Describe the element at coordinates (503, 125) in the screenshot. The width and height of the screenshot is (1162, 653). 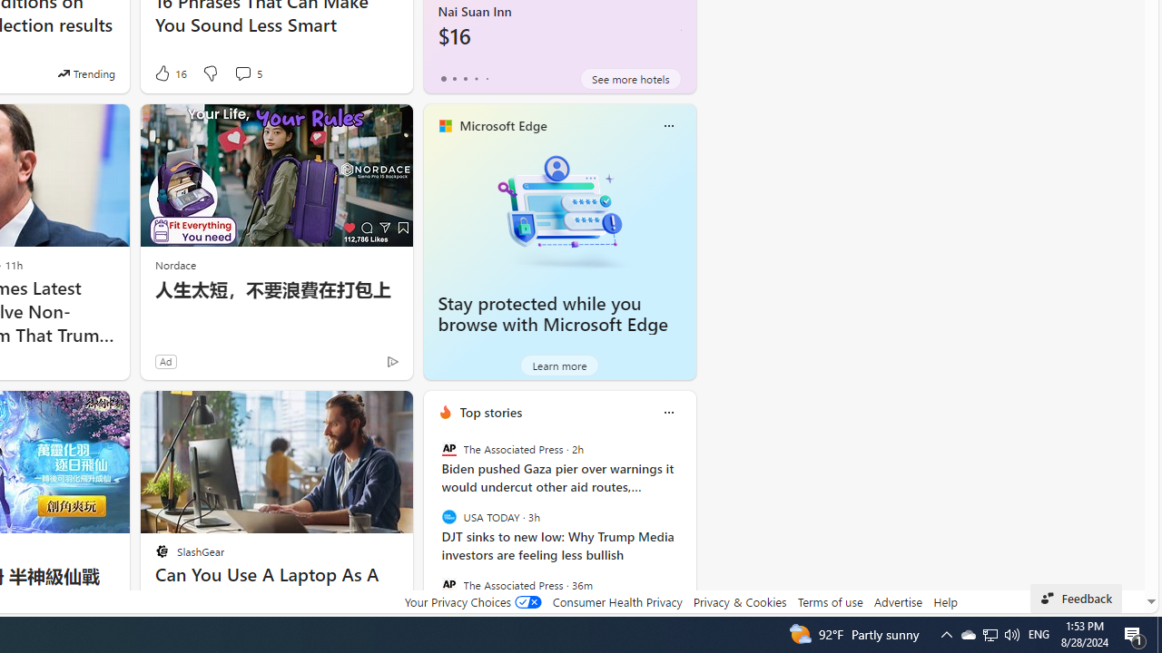
I see `'Microsoft Edge'` at that location.